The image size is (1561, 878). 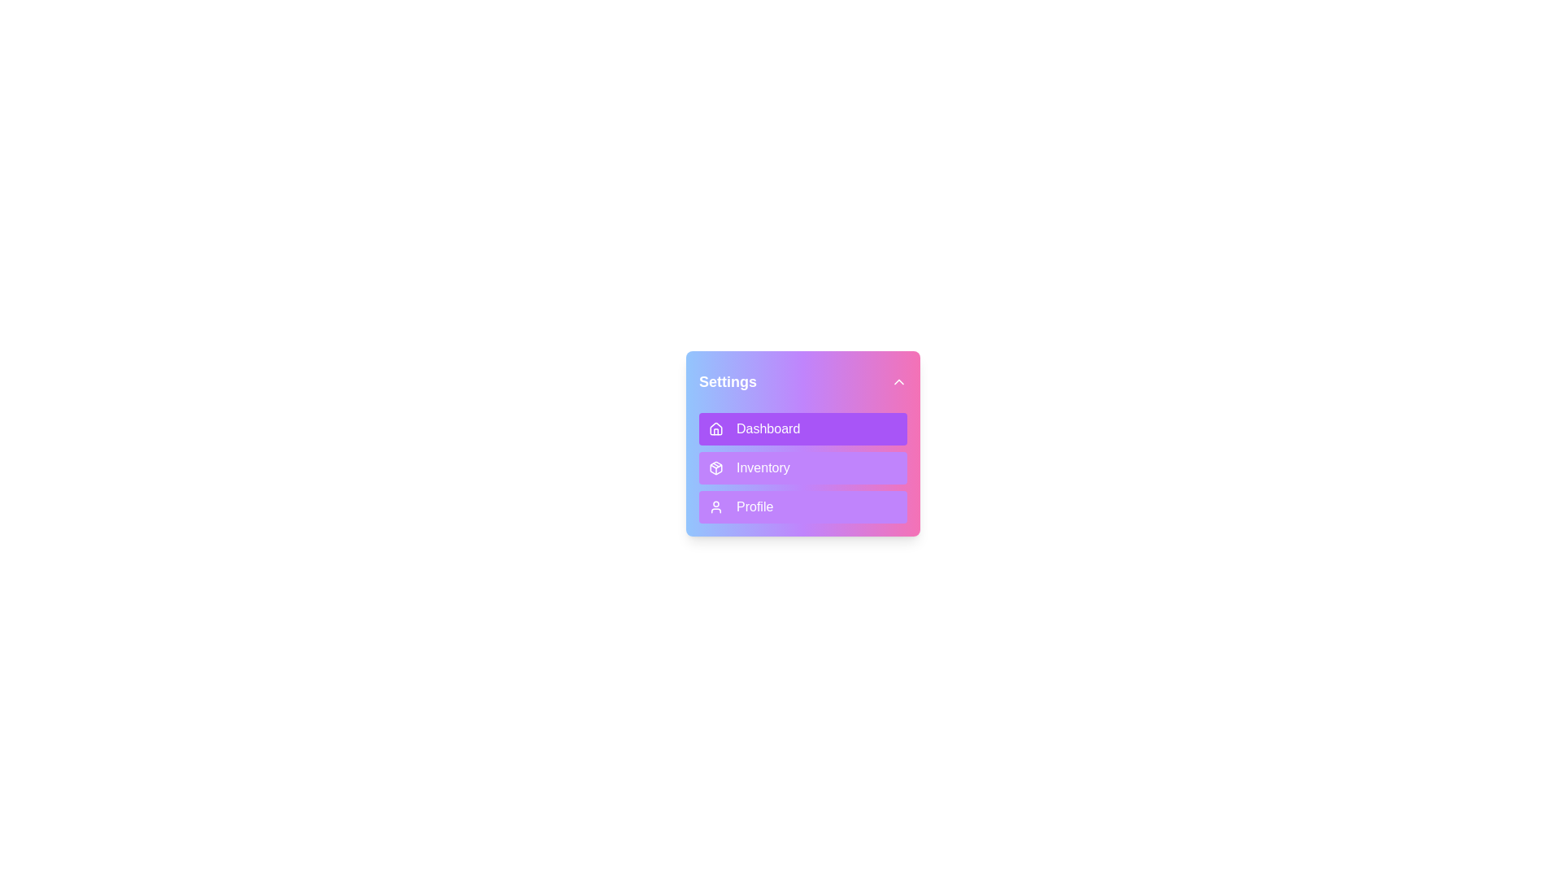 I want to click on the menu item Inventory, so click(x=803, y=467).